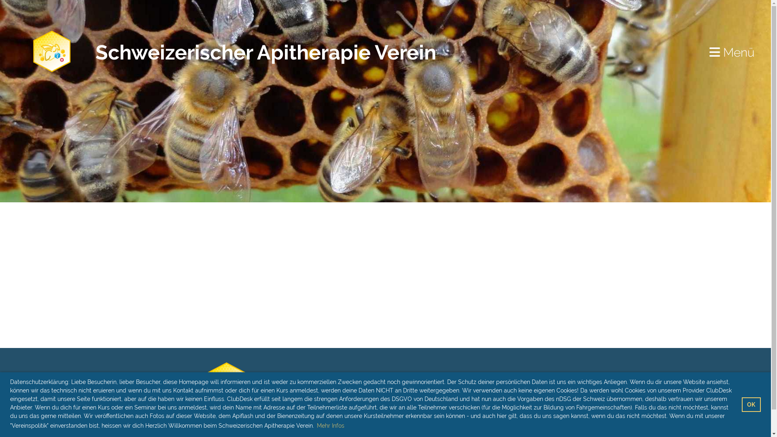 Image resolution: width=777 pixels, height=437 pixels. I want to click on 'OK', so click(751, 404).